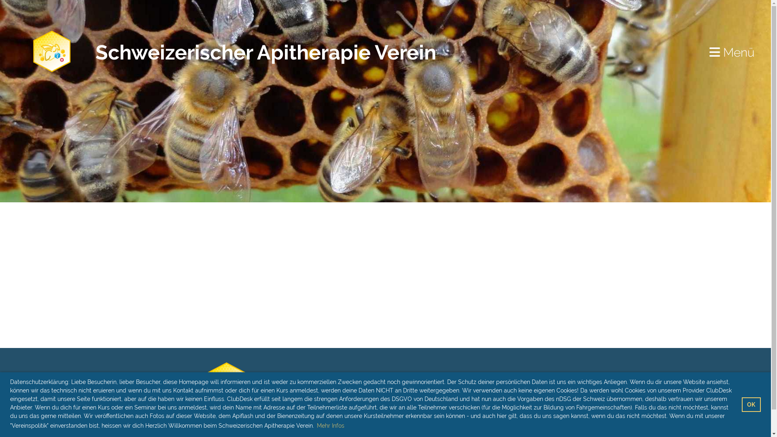 Image resolution: width=777 pixels, height=437 pixels. I want to click on 'OK', so click(751, 404).